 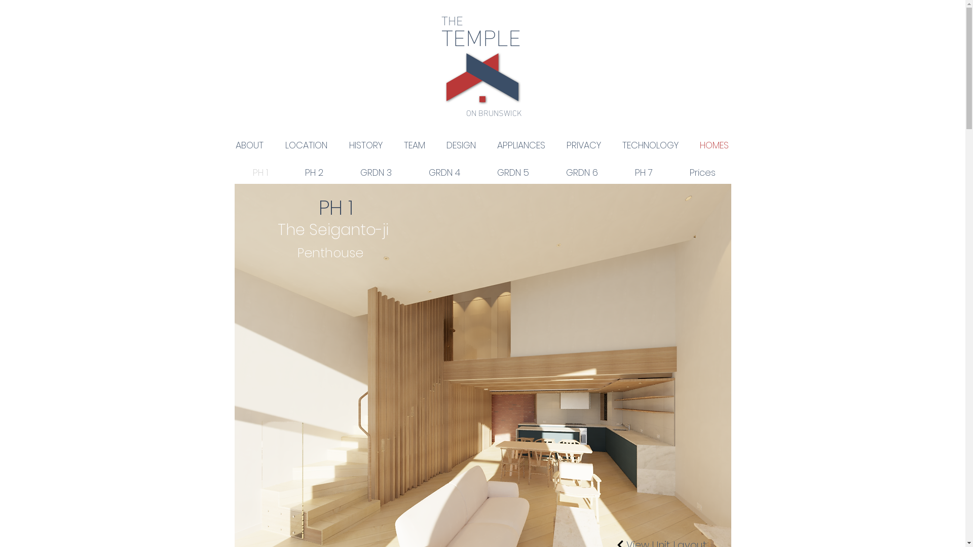 I want to click on 'PH 7', so click(x=615, y=172).